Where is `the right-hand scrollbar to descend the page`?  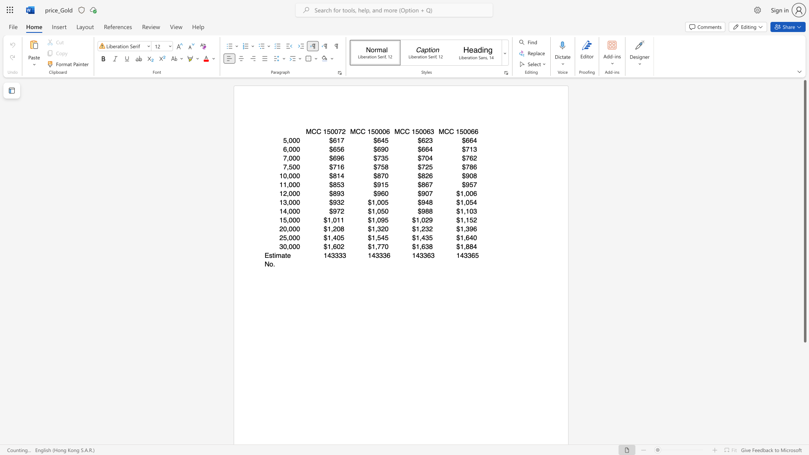 the right-hand scrollbar to descend the page is located at coordinates (804, 375).